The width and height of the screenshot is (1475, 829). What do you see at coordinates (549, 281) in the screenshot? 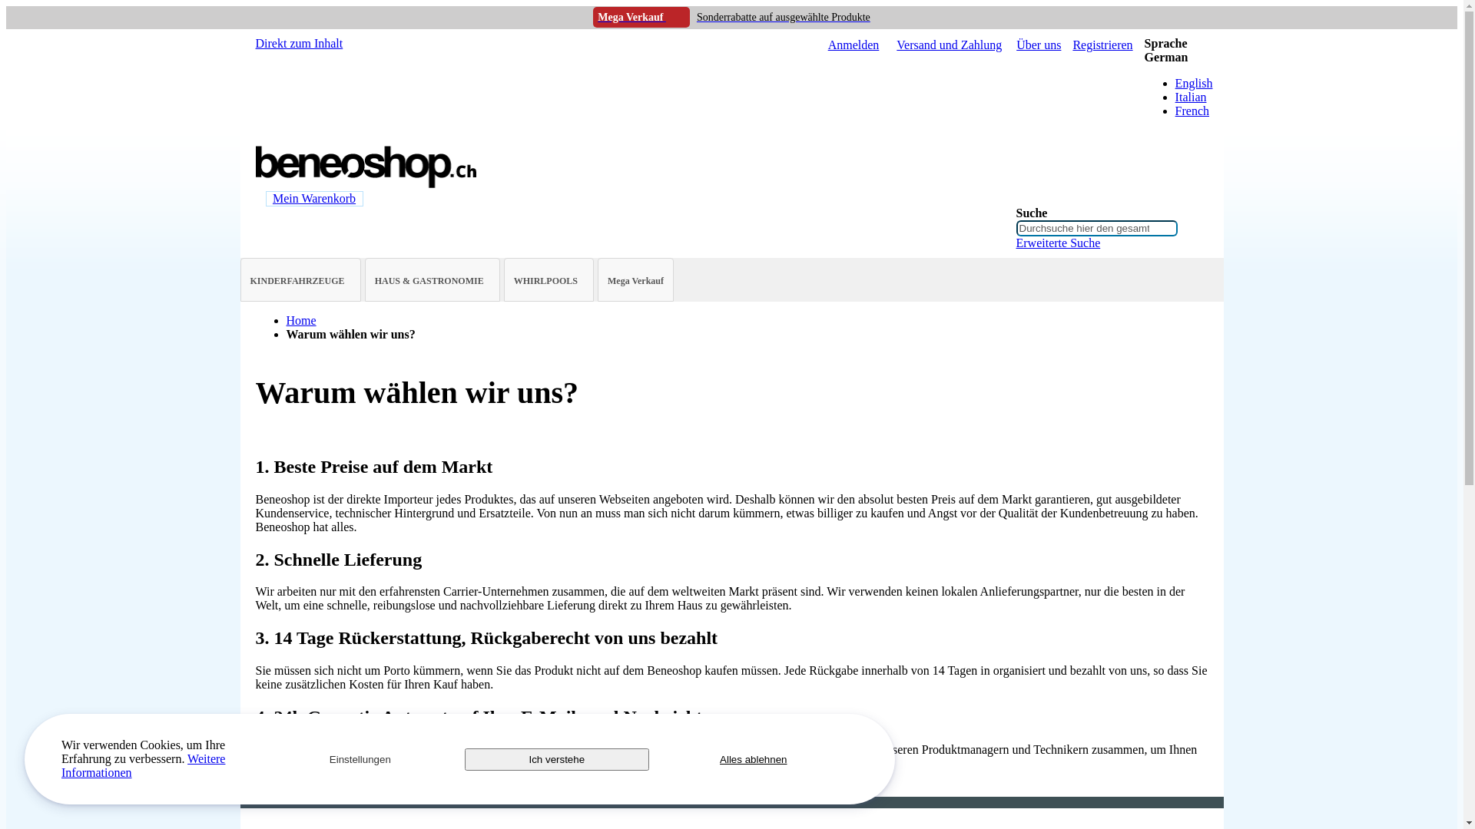
I see `'WHIRLPOOLS'` at bounding box center [549, 281].